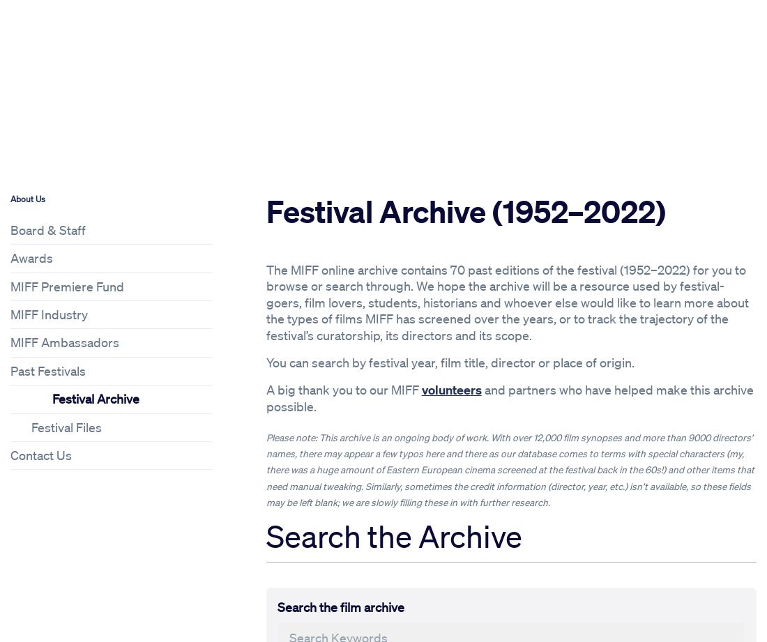 This screenshot has width=767, height=642. What do you see at coordinates (450, 360) in the screenshot?
I see `'You can search by festival year, film title, director or place of origin.'` at bounding box center [450, 360].